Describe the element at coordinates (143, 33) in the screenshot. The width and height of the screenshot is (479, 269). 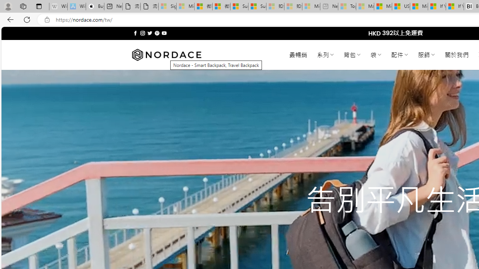
I see `'Follow on Instagram'` at that location.